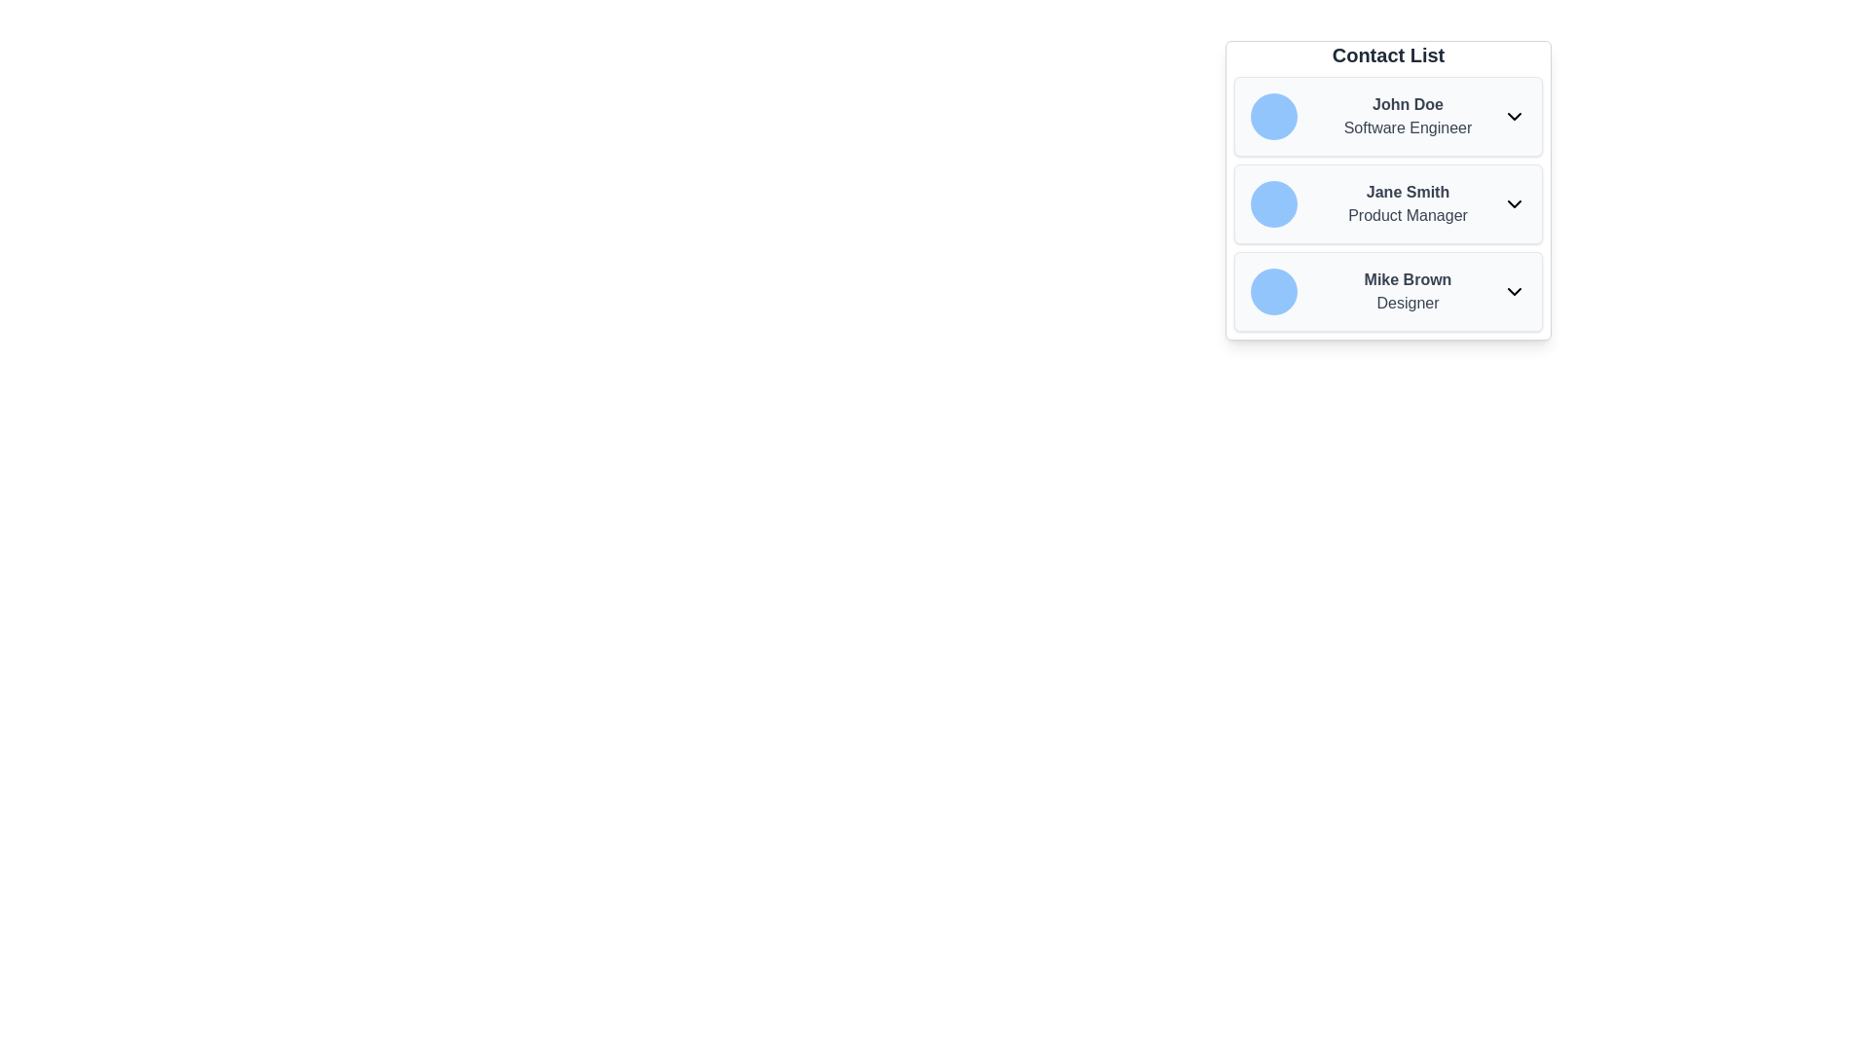  I want to click on text descriptor associated with the contact 'John Doe', which is located directly below the name in the 'Contact List' section at the top-right of the display, so click(1408, 127).